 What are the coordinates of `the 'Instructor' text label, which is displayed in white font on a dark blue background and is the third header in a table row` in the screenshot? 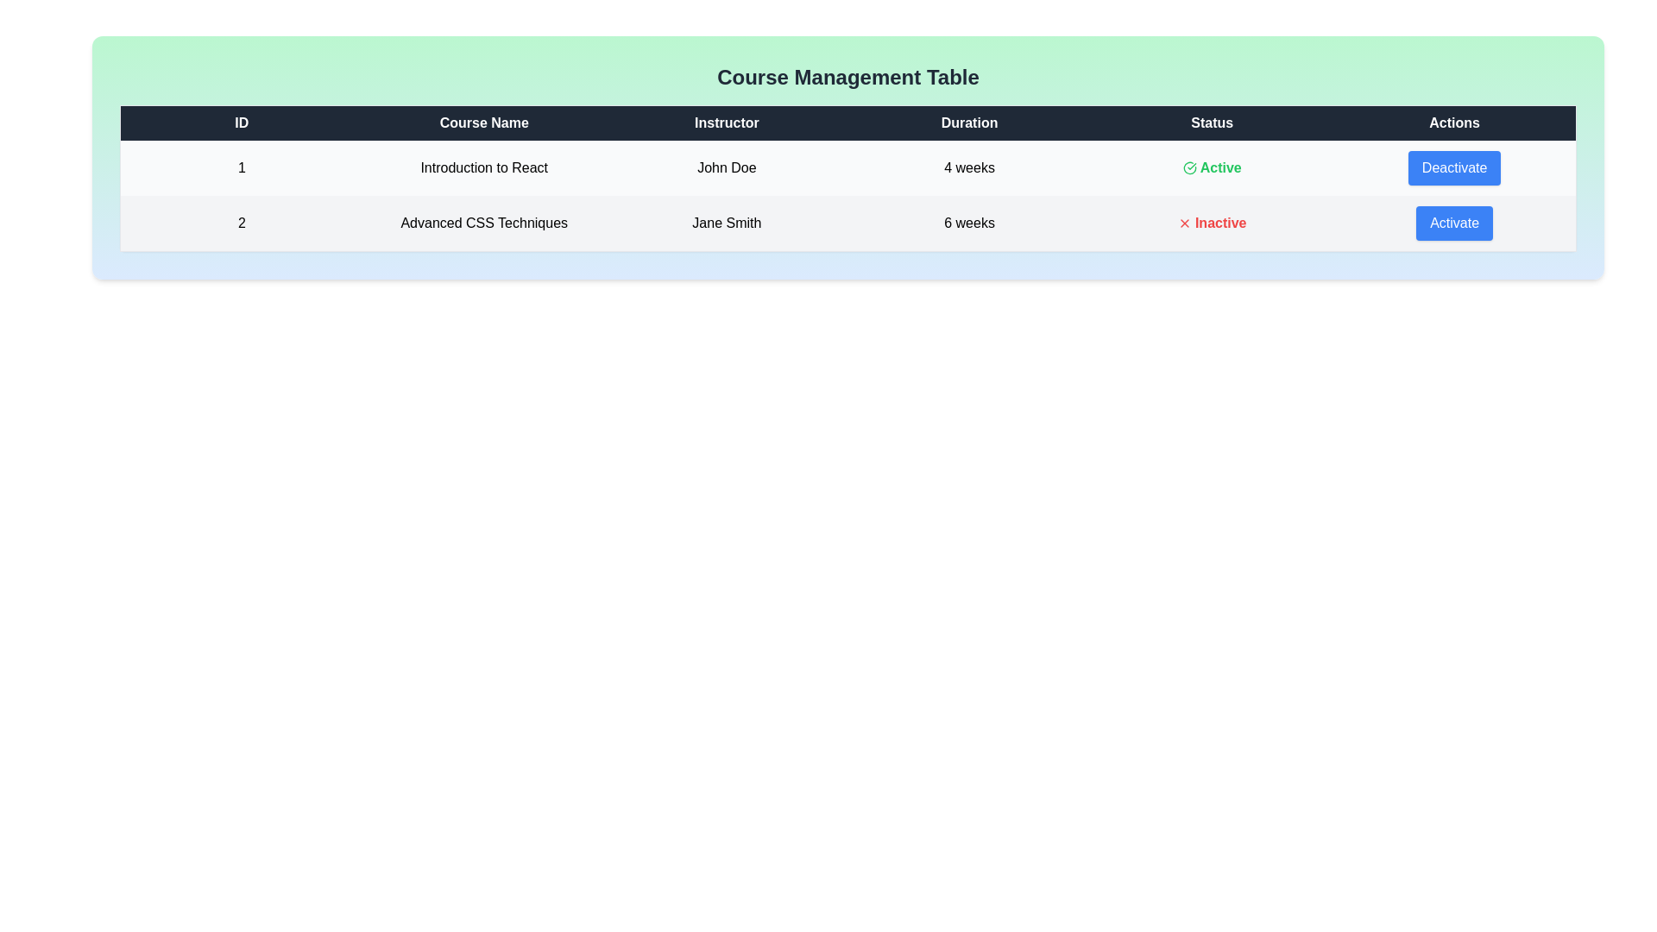 It's located at (727, 122).